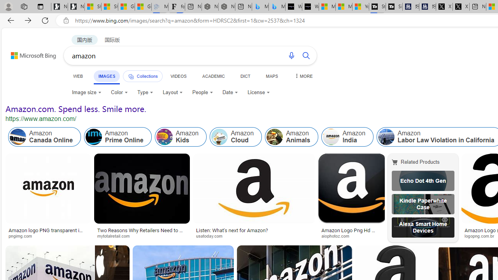 The image size is (498, 280). What do you see at coordinates (142, 233) in the screenshot?
I see `'Two Reasons Why Retailers Need to Leverage Amazon'` at bounding box center [142, 233].